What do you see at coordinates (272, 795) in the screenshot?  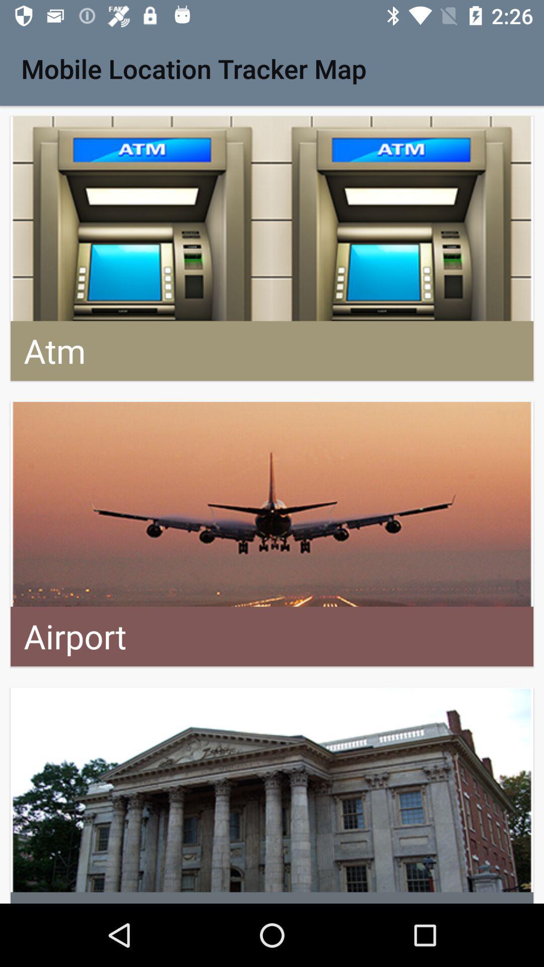 I see `advertisement` at bounding box center [272, 795].